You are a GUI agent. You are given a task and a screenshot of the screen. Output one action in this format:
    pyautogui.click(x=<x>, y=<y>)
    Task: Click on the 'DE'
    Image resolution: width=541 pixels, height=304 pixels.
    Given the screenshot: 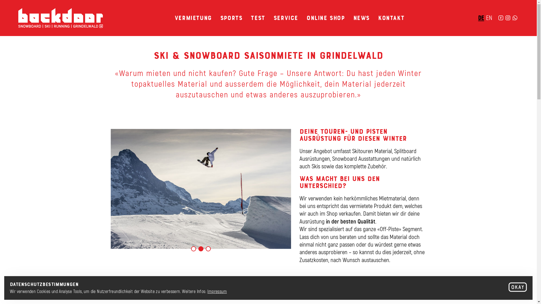 What is the action you would take?
    pyautogui.click(x=481, y=17)
    